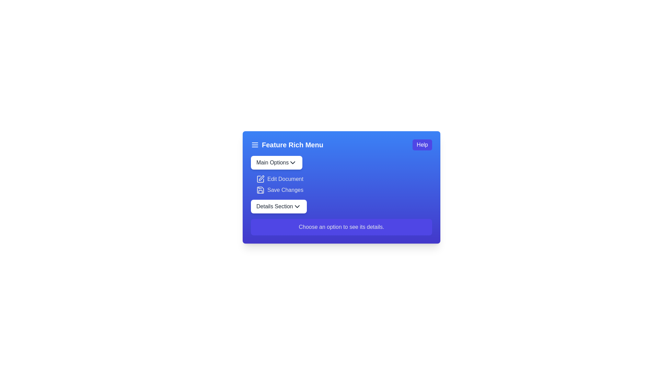 The image size is (659, 370). What do you see at coordinates (280, 190) in the screenshot?
I see `the 'Save Changes' button located in the 'Feature Rich Menu', which is the second button below 'Edit Document' and above 'Details Section' dropdown` at bounding box center [280, 190].